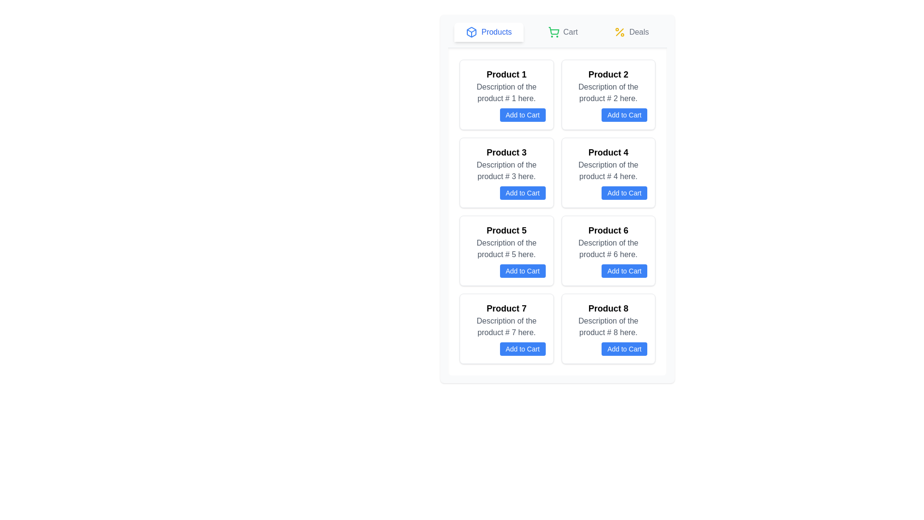  I want to click on the text label that provides a descriptive summary for 'Product 4', located in the second column of the second row of the product tile, so click(608, 170).